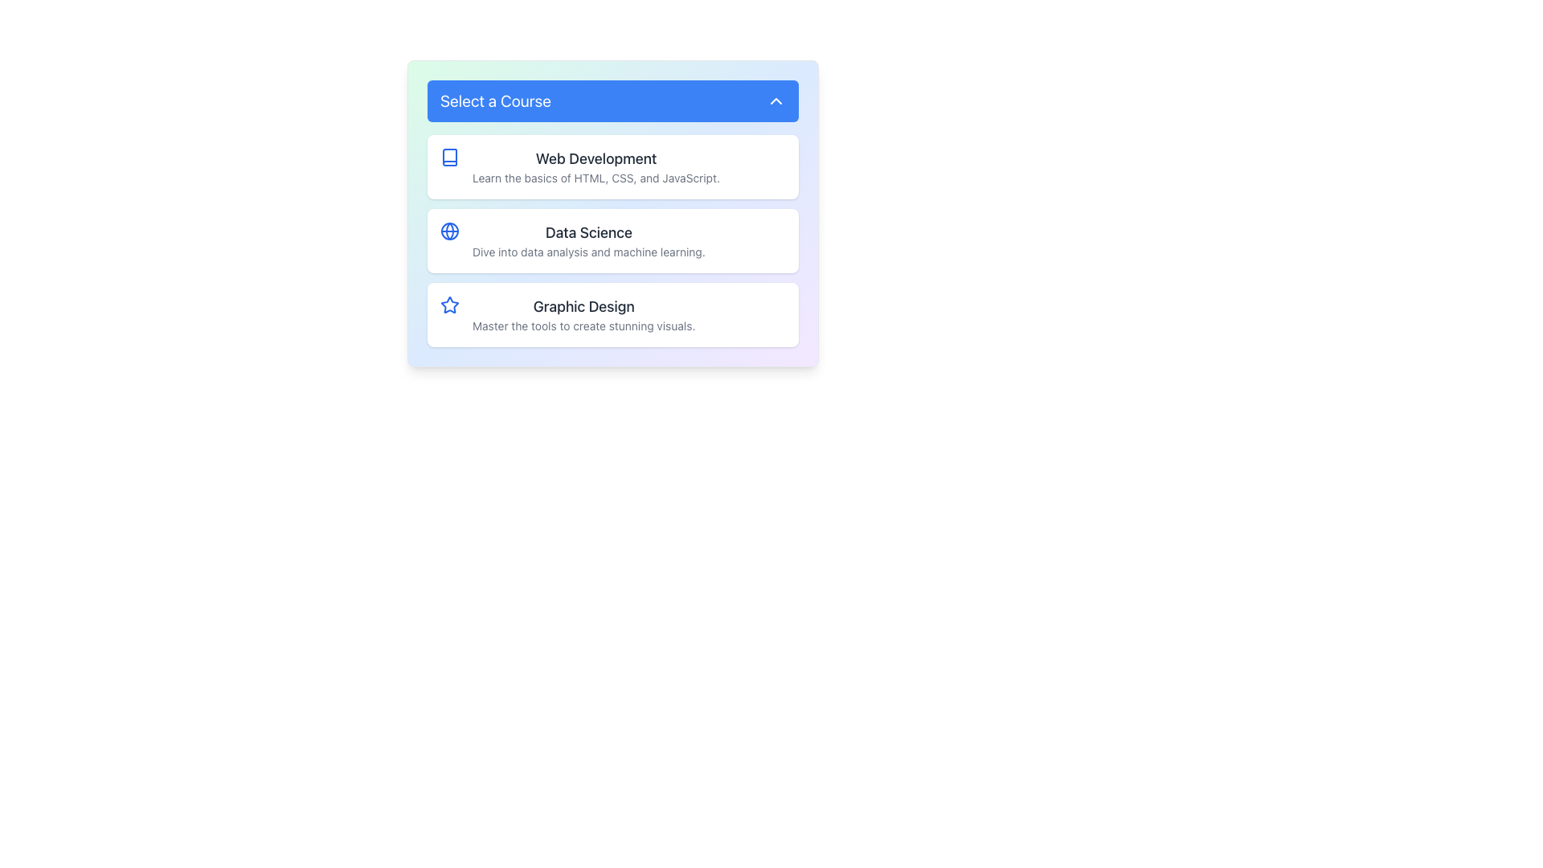 This screenshot has width=1543, height=868. Describe the element at coordinates (596, 167) in the screenshot. I see `the interactive option within the 'Select a Course' card` at that location.